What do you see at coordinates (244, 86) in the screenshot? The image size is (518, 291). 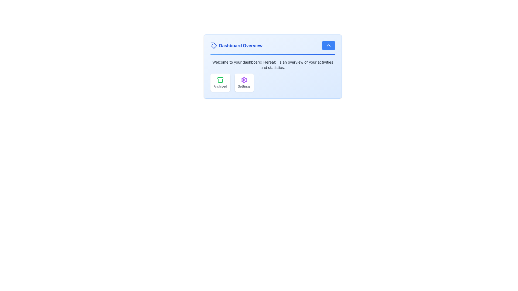 I see `the Text Label that indicates the settings option, located beneath the purple cogwheel icon in the card-like section at the bottom right` at bounding box center [244, 86].